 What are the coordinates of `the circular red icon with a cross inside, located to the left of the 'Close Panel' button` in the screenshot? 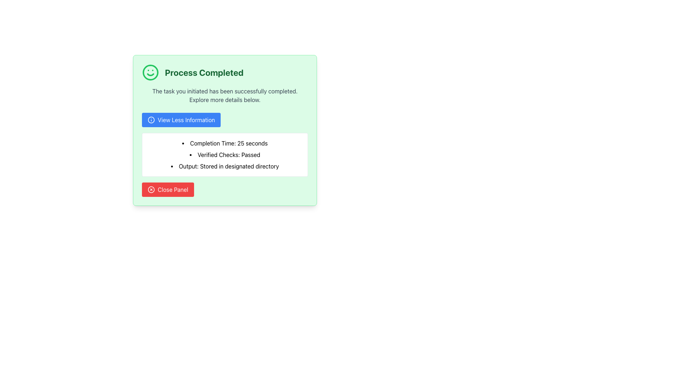 It's located at (151, 189).